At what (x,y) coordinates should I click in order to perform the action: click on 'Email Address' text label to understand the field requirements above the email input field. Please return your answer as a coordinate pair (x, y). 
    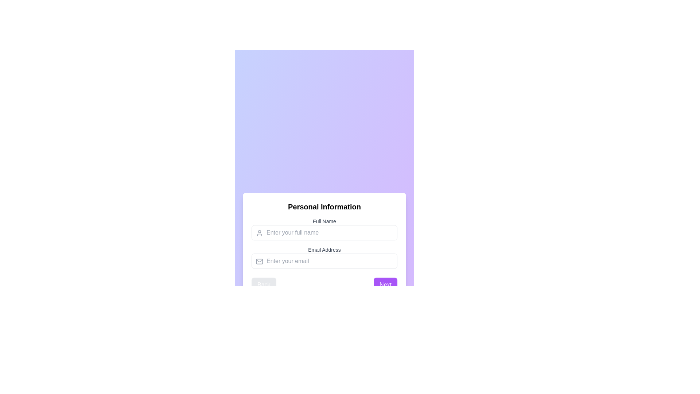
    Looking at the image, I should click on (324, 250).